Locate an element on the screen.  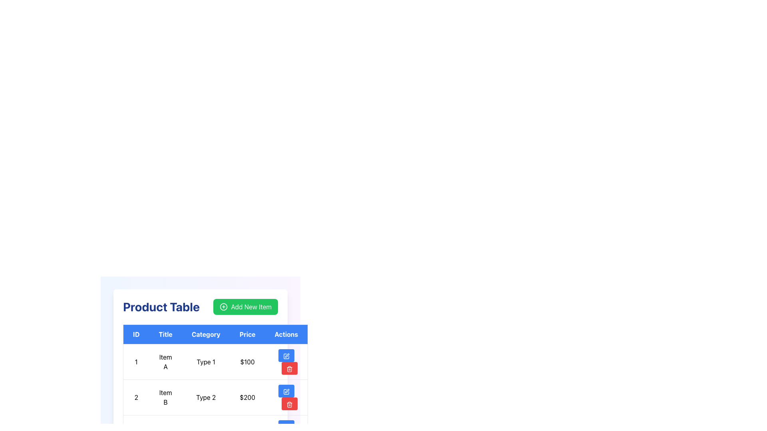
the table cell containing the text 'Item A' in the second column of the first row under the 'Title' column is located at coordinates (165, 362).